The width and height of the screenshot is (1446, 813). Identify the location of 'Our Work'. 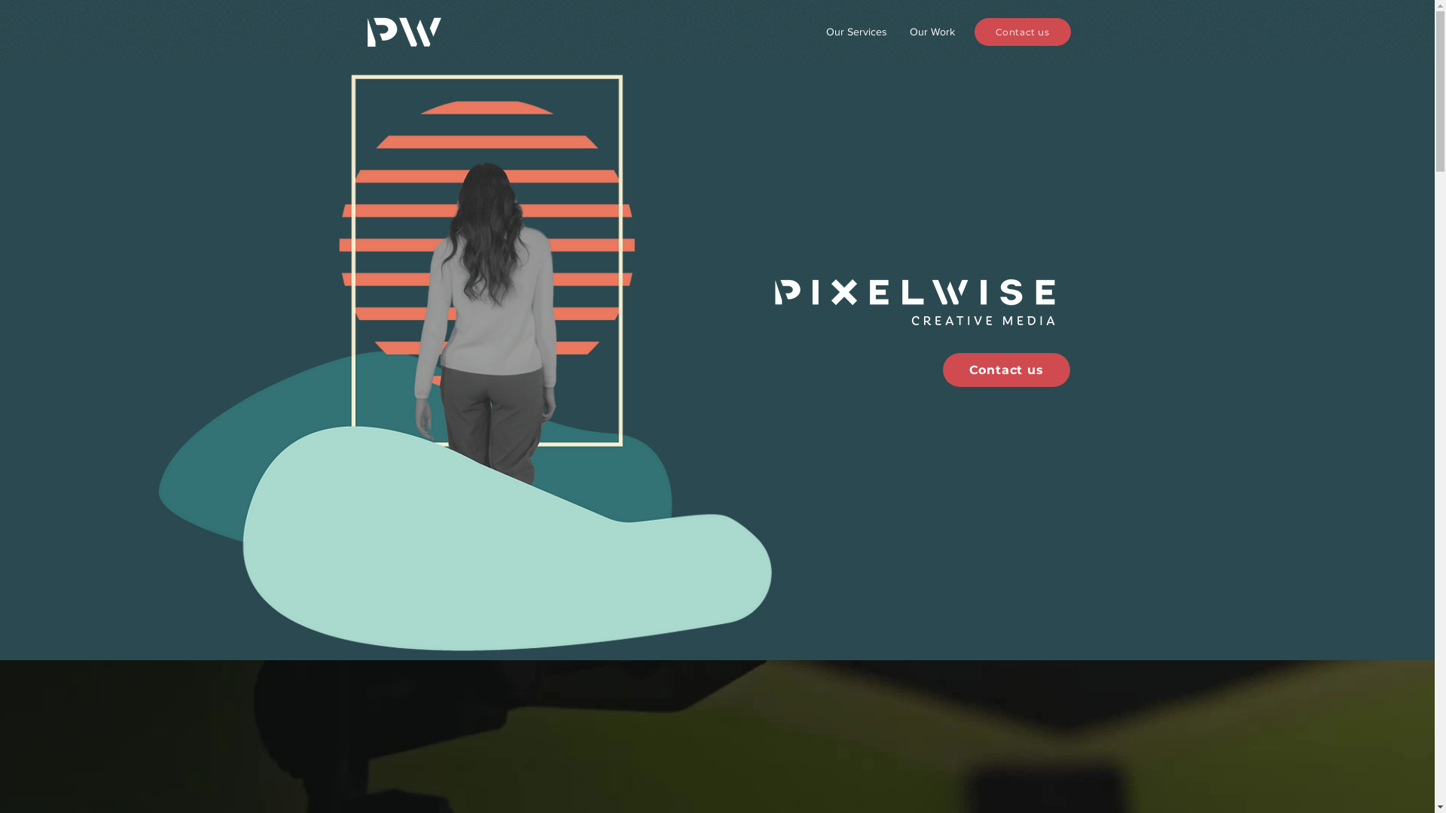
(931, 32).